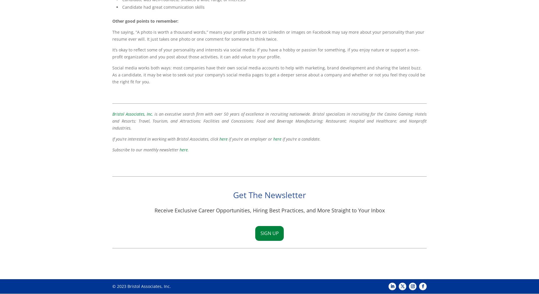 This screenshot has height=294, width=539. What do you see at coordinates (260, 233) in the screenshot?
I see `'SIGN UP'` at bounding box center [260, 233].